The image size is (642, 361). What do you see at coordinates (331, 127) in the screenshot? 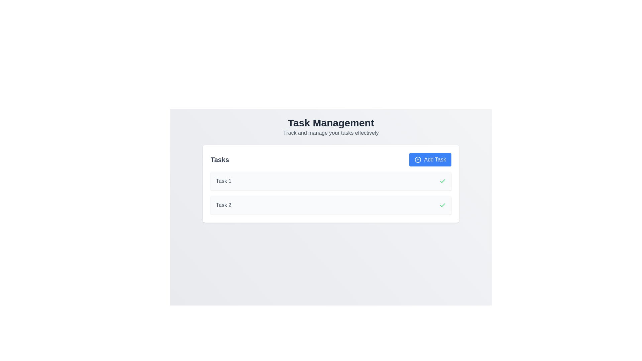
I see `the Text display element titled 'Task Management' with the subtitle 'Track and manage your tasks effectively', located at the top of the content area` at bounding box center [331, 127].